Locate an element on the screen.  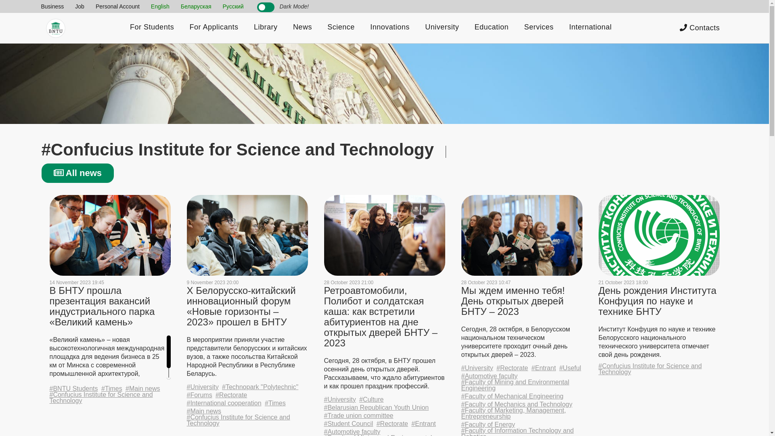
'Science' is located at coordinates (341, 27).